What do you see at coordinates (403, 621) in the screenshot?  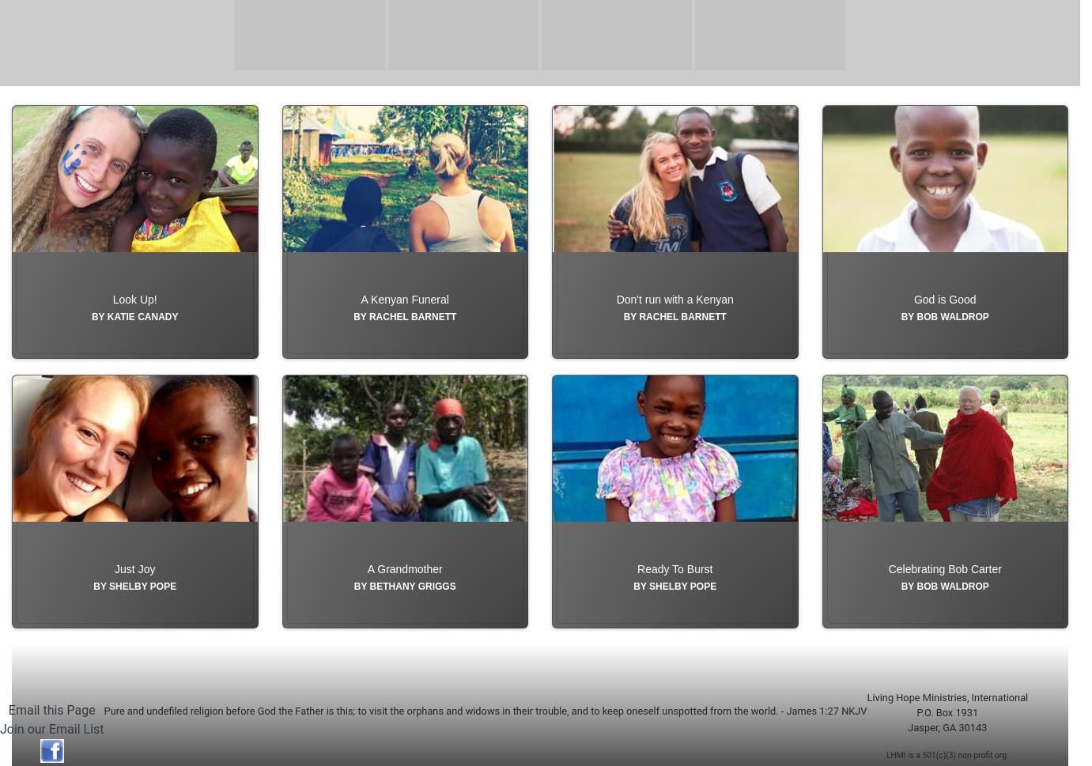 I see `'by Bethany Griggs'` at bounding box center [403, 621].